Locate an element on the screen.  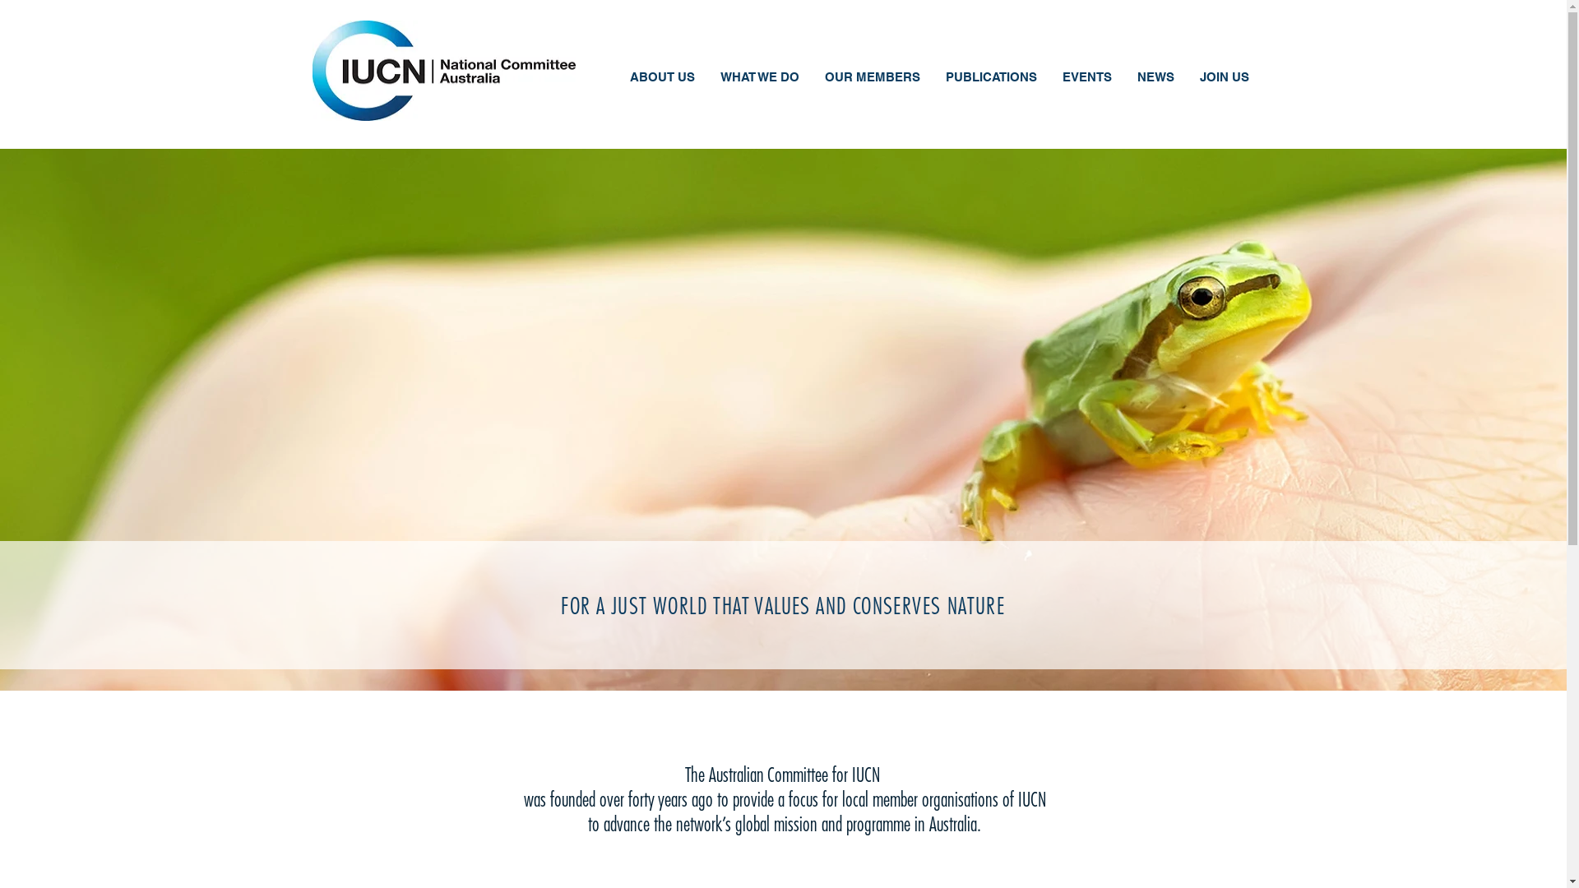
'ABOUT US' is located at coordinates (615, 78).